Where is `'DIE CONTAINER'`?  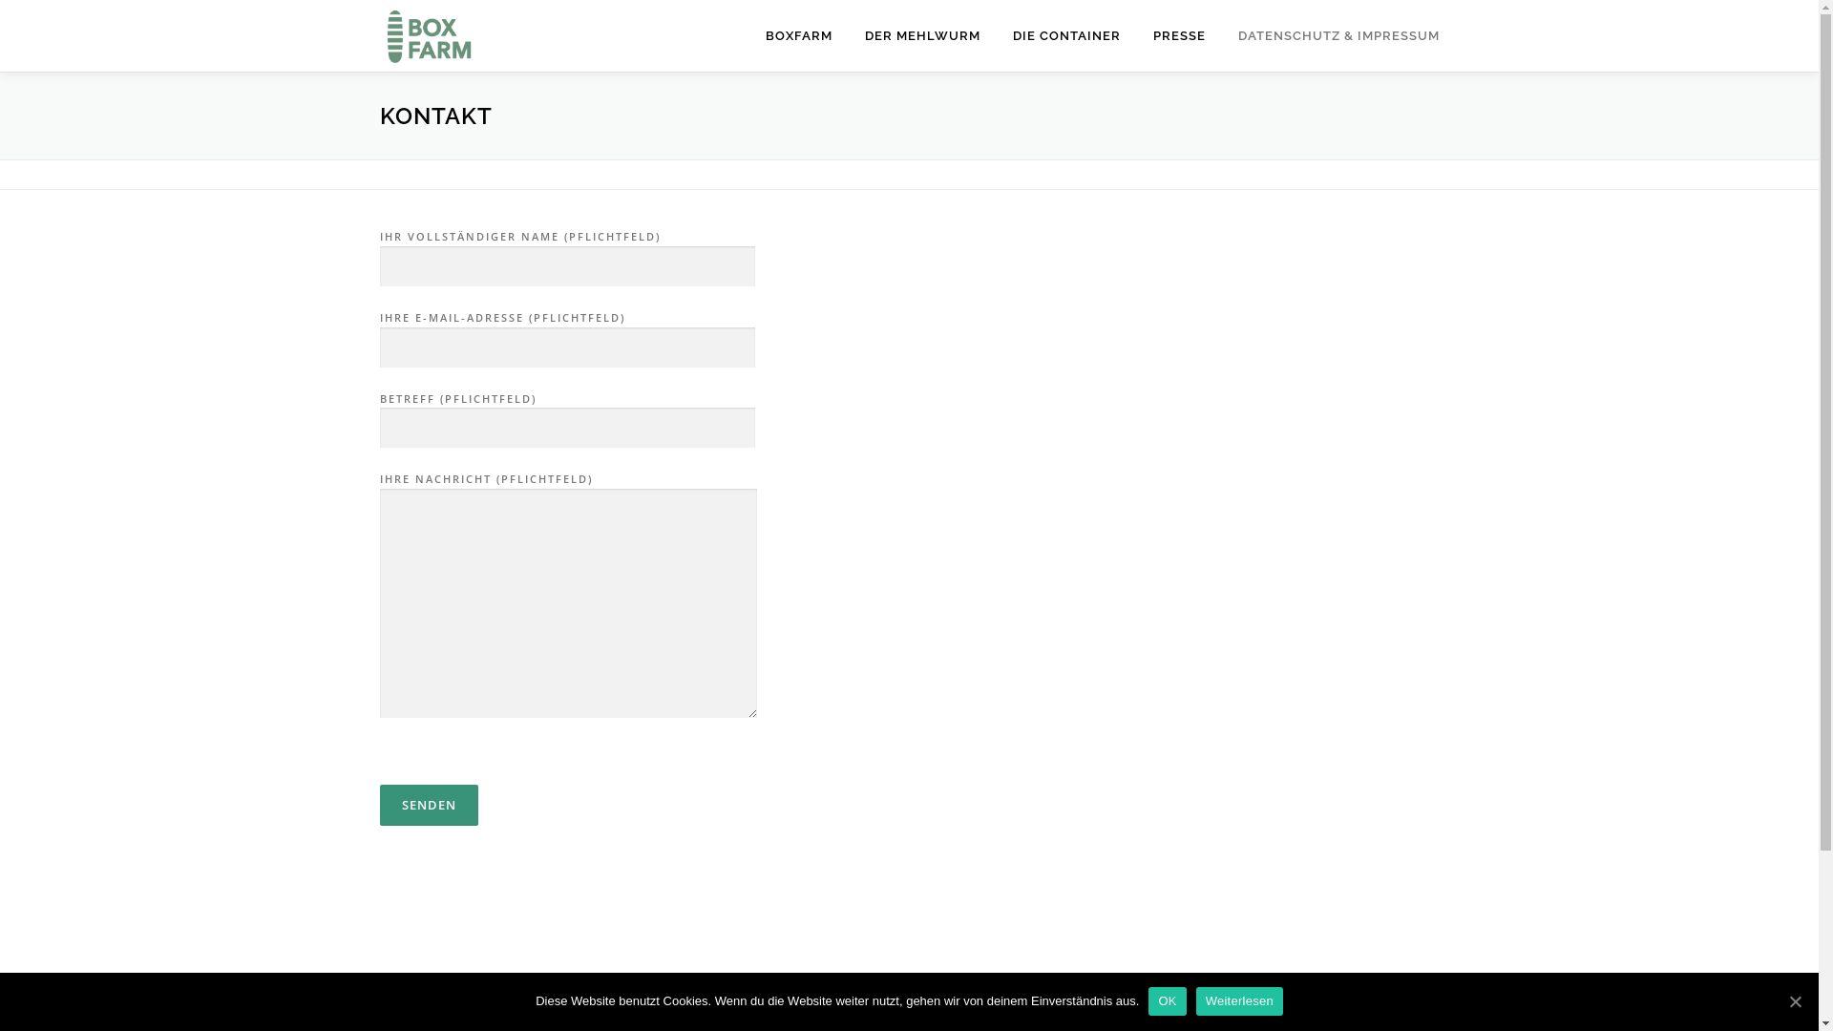
'DIE CONTAINER' is located at coordinates (1065, 35).